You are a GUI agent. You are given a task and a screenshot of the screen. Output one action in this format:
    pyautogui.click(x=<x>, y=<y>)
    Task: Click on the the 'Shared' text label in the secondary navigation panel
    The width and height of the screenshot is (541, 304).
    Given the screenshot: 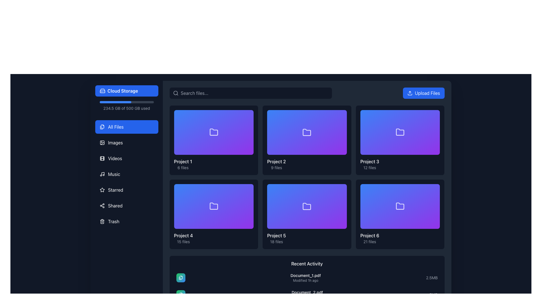 What is the action you would take?
    pyautogui.click(x=115, y=206)
    